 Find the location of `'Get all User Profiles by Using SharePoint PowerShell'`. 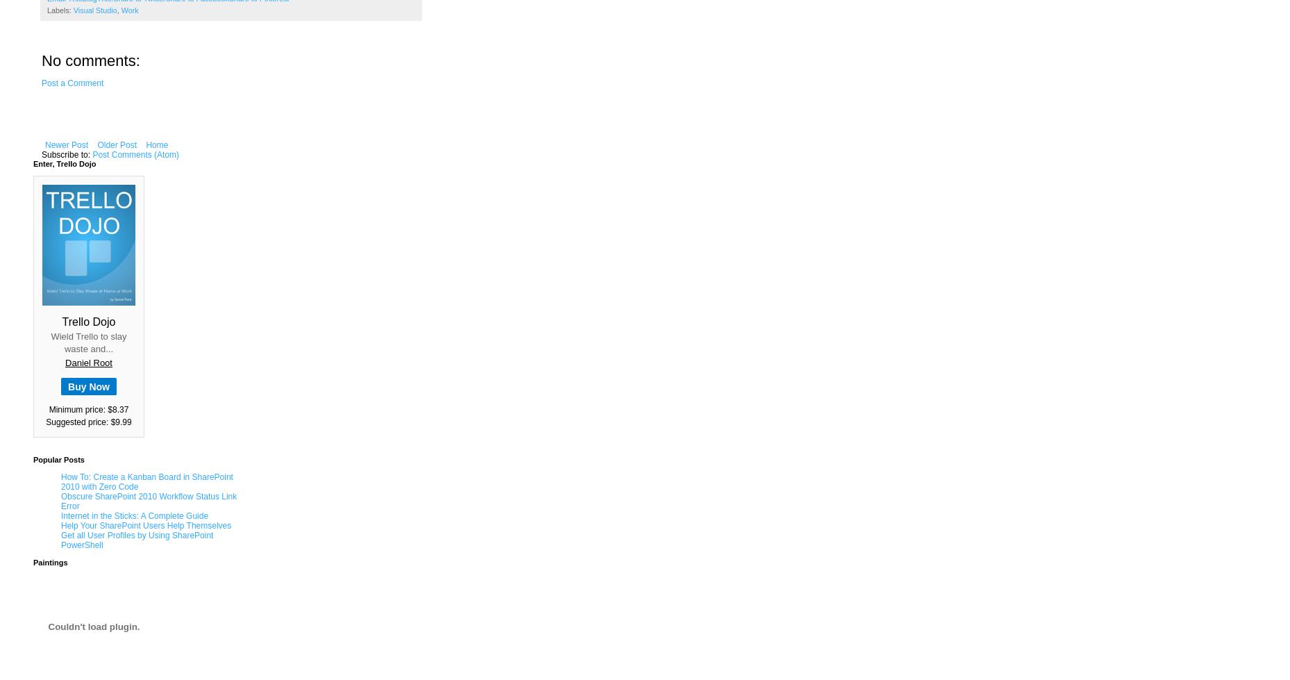

'Get all User Profiles by Using SharePoint PowerShell' is located at coordinates (136, 540).